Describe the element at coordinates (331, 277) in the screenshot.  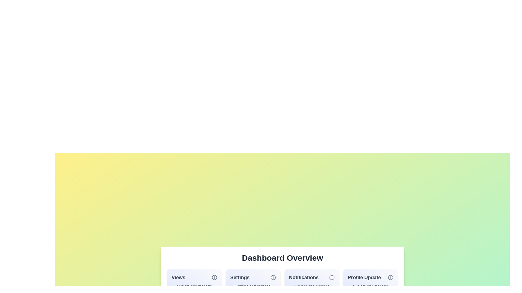
I see `the informative circular icon located within the 'Notifications' card` at that location.